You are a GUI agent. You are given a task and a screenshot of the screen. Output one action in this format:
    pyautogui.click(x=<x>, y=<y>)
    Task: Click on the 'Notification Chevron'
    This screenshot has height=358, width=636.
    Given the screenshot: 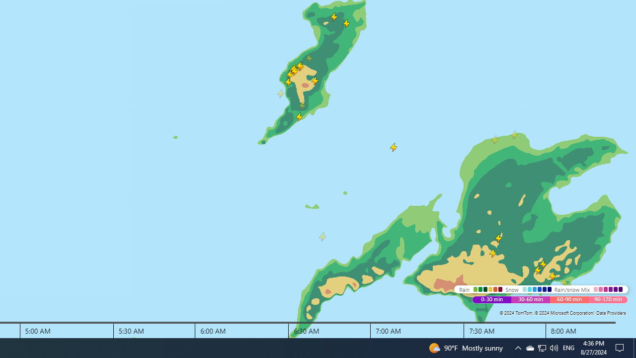 What is the action you would take?
    pyautogui.click(x=517, y=347)
    